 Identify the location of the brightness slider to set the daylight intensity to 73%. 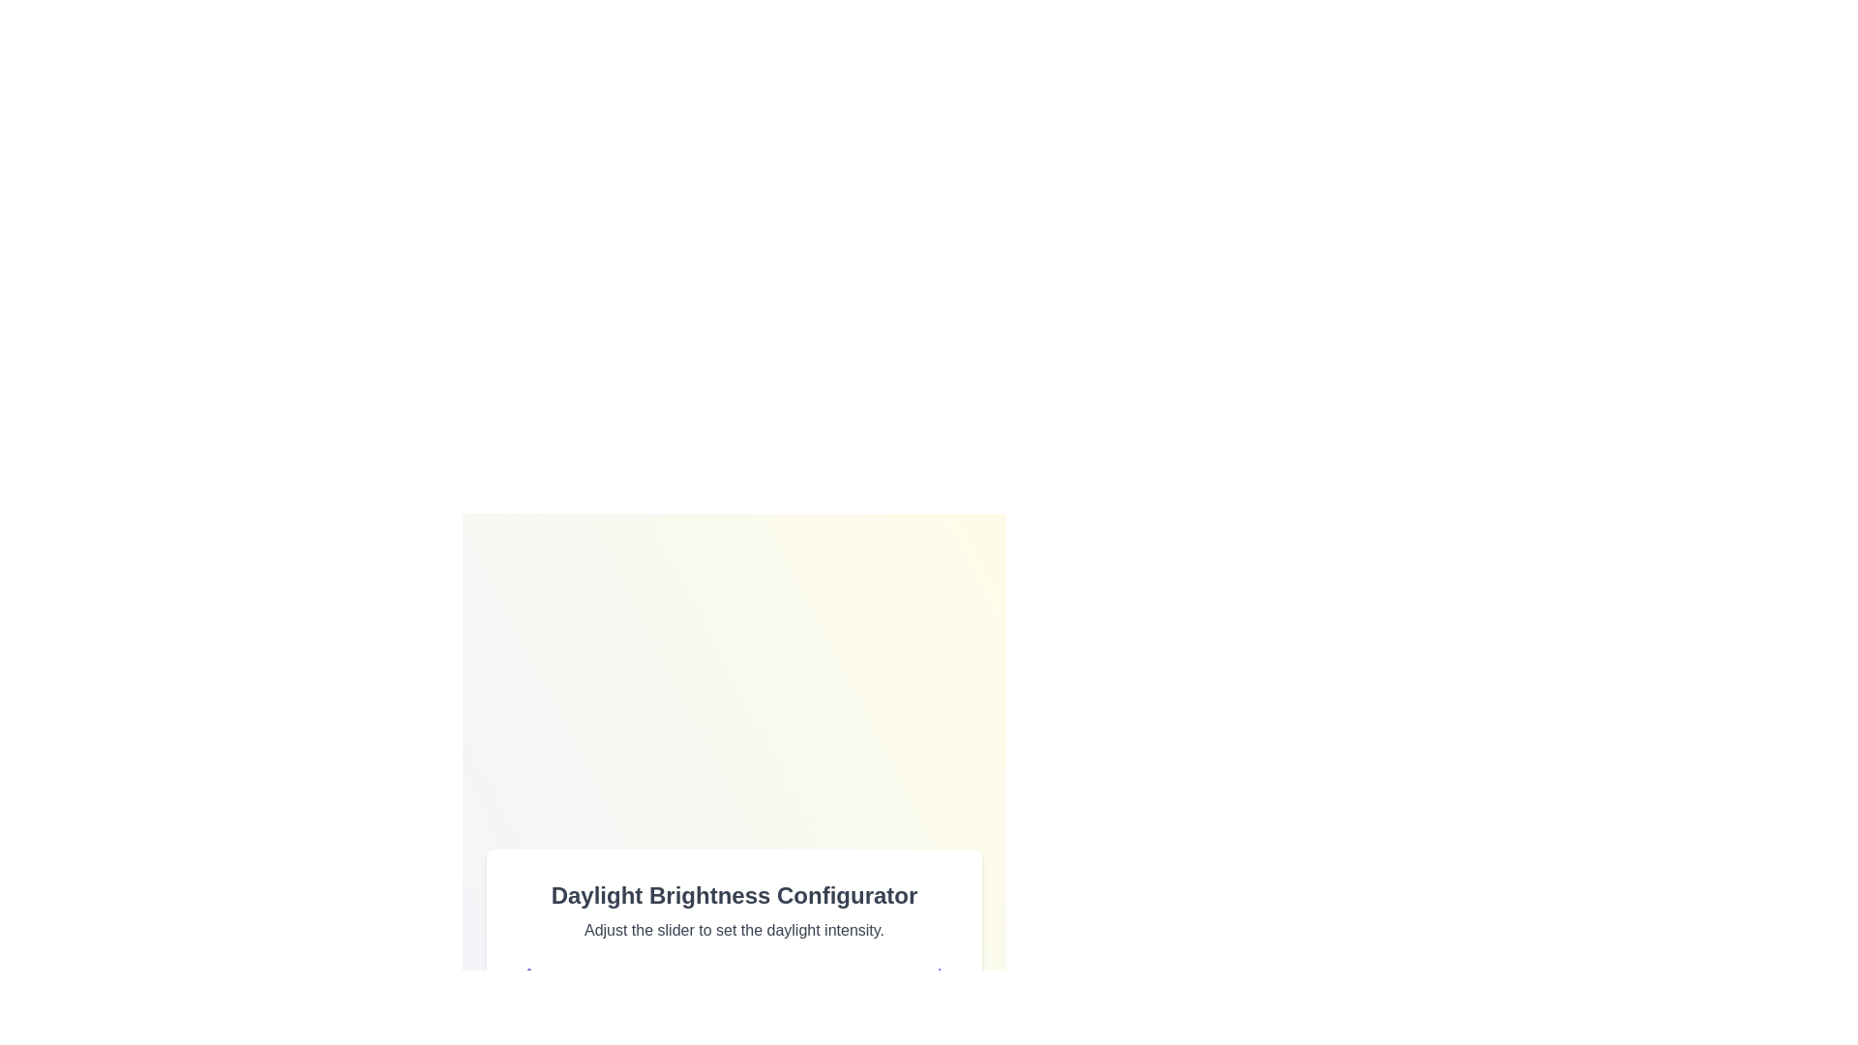
(834, 1021).